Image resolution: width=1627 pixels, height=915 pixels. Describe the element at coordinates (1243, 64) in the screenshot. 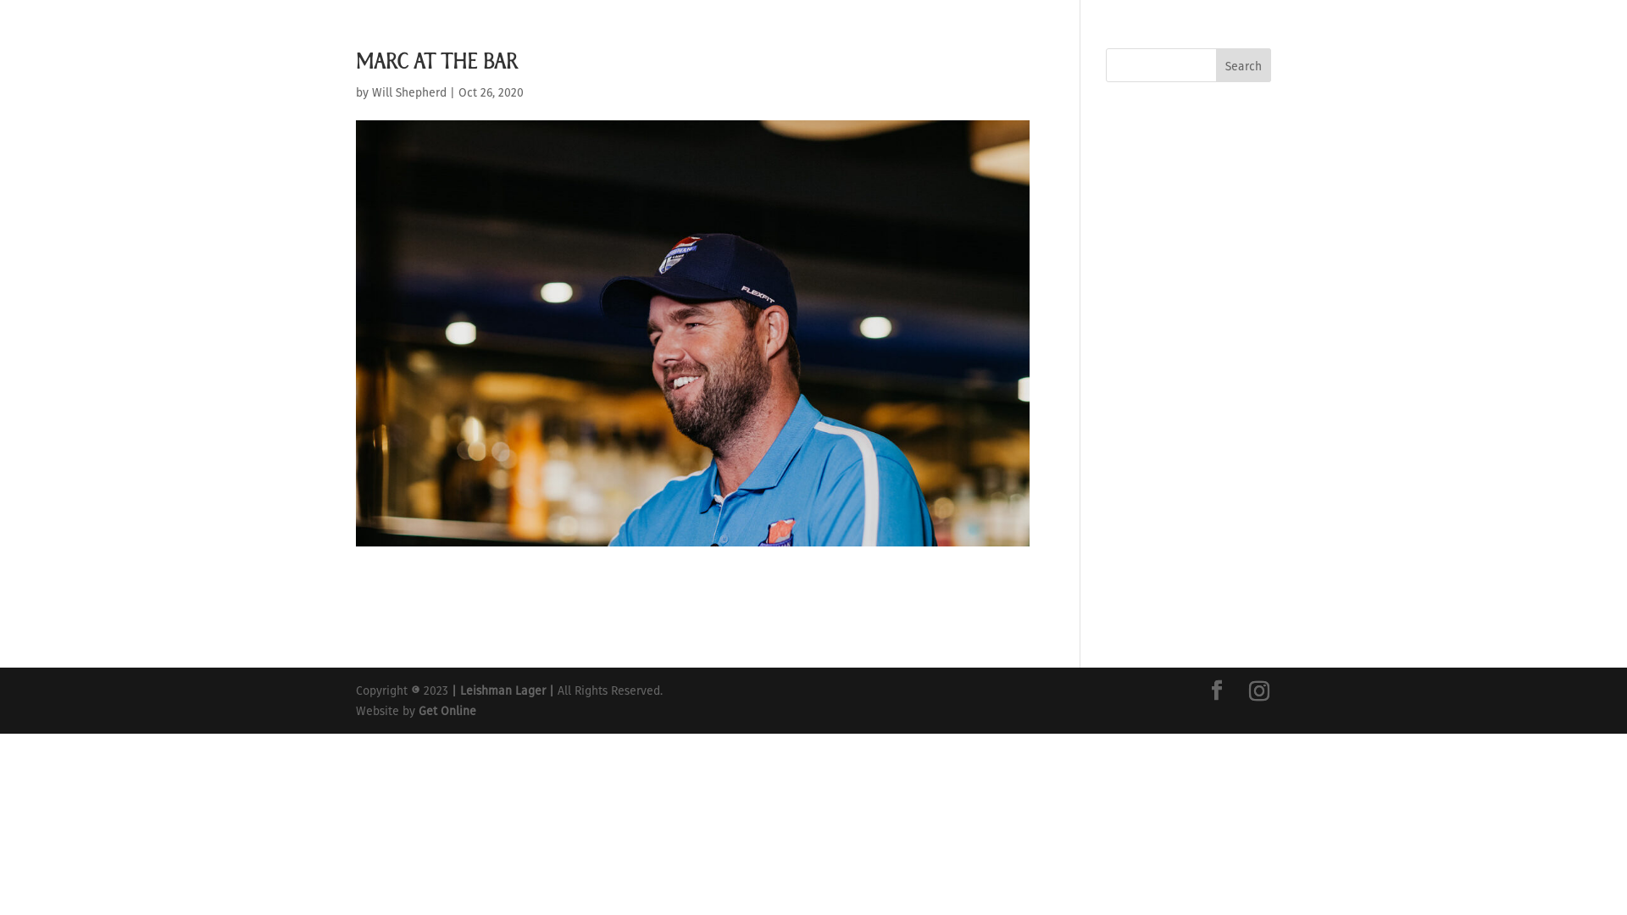

I see `'Search'` at that location.